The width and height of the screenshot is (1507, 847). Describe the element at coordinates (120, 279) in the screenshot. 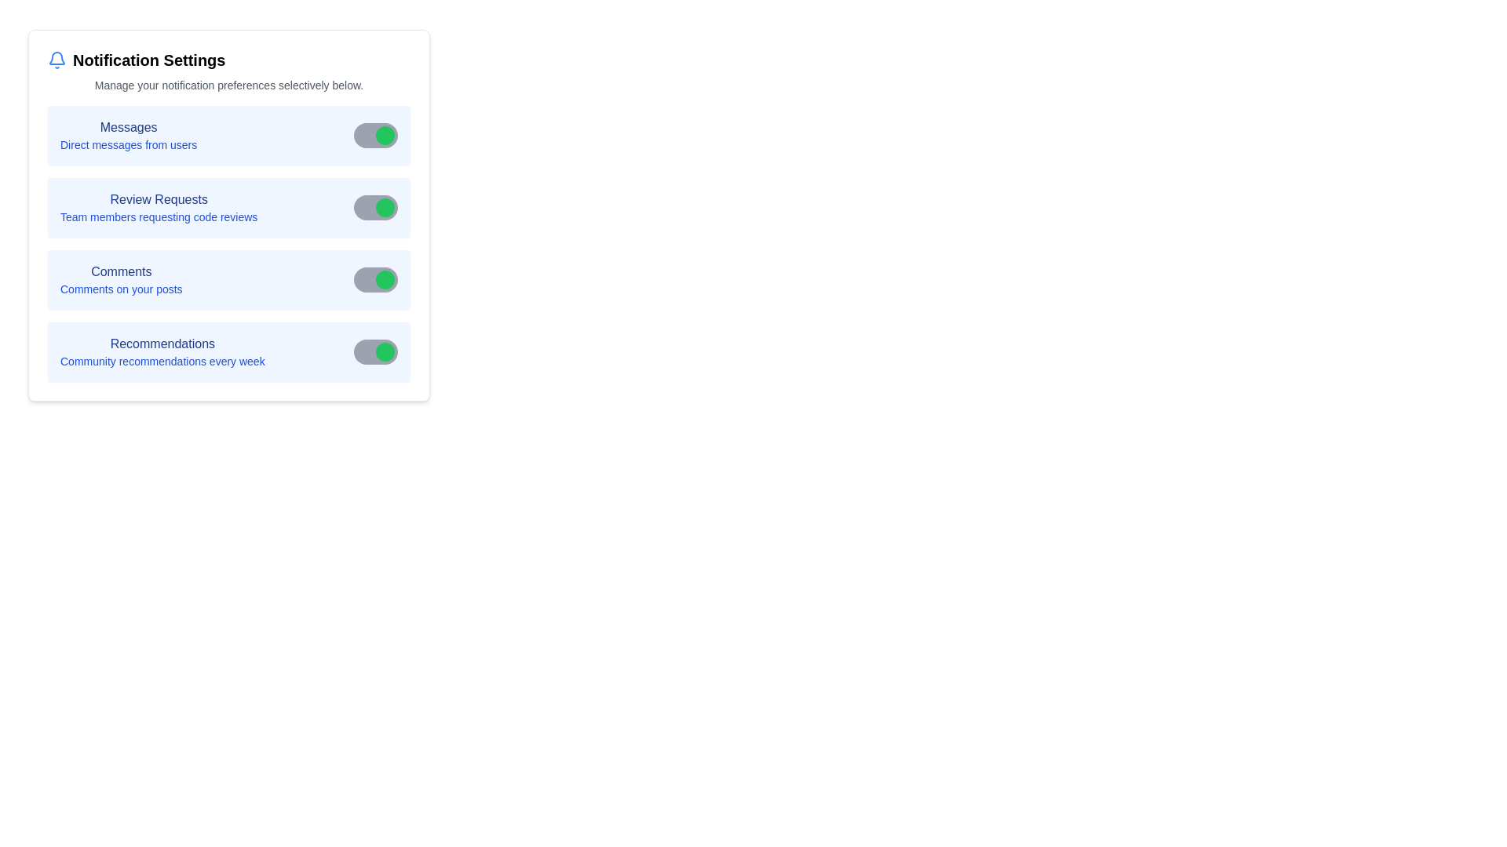

I see `descriptive label for the notification preference related to comments on user posts, which is located as the third item in the notification settings card` at that location.